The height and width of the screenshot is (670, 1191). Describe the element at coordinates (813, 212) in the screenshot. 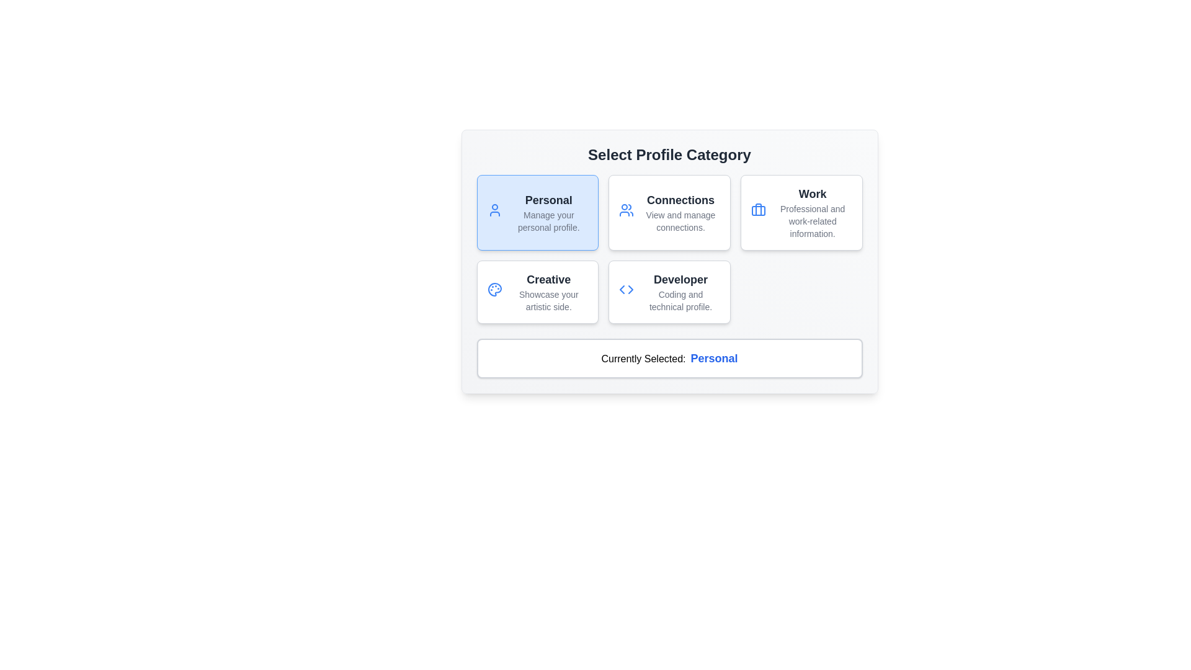

I see `the Text display component that shows the title and description of the 'Work' profile category, located within the third option from the left in the profile selection grid` at that location.